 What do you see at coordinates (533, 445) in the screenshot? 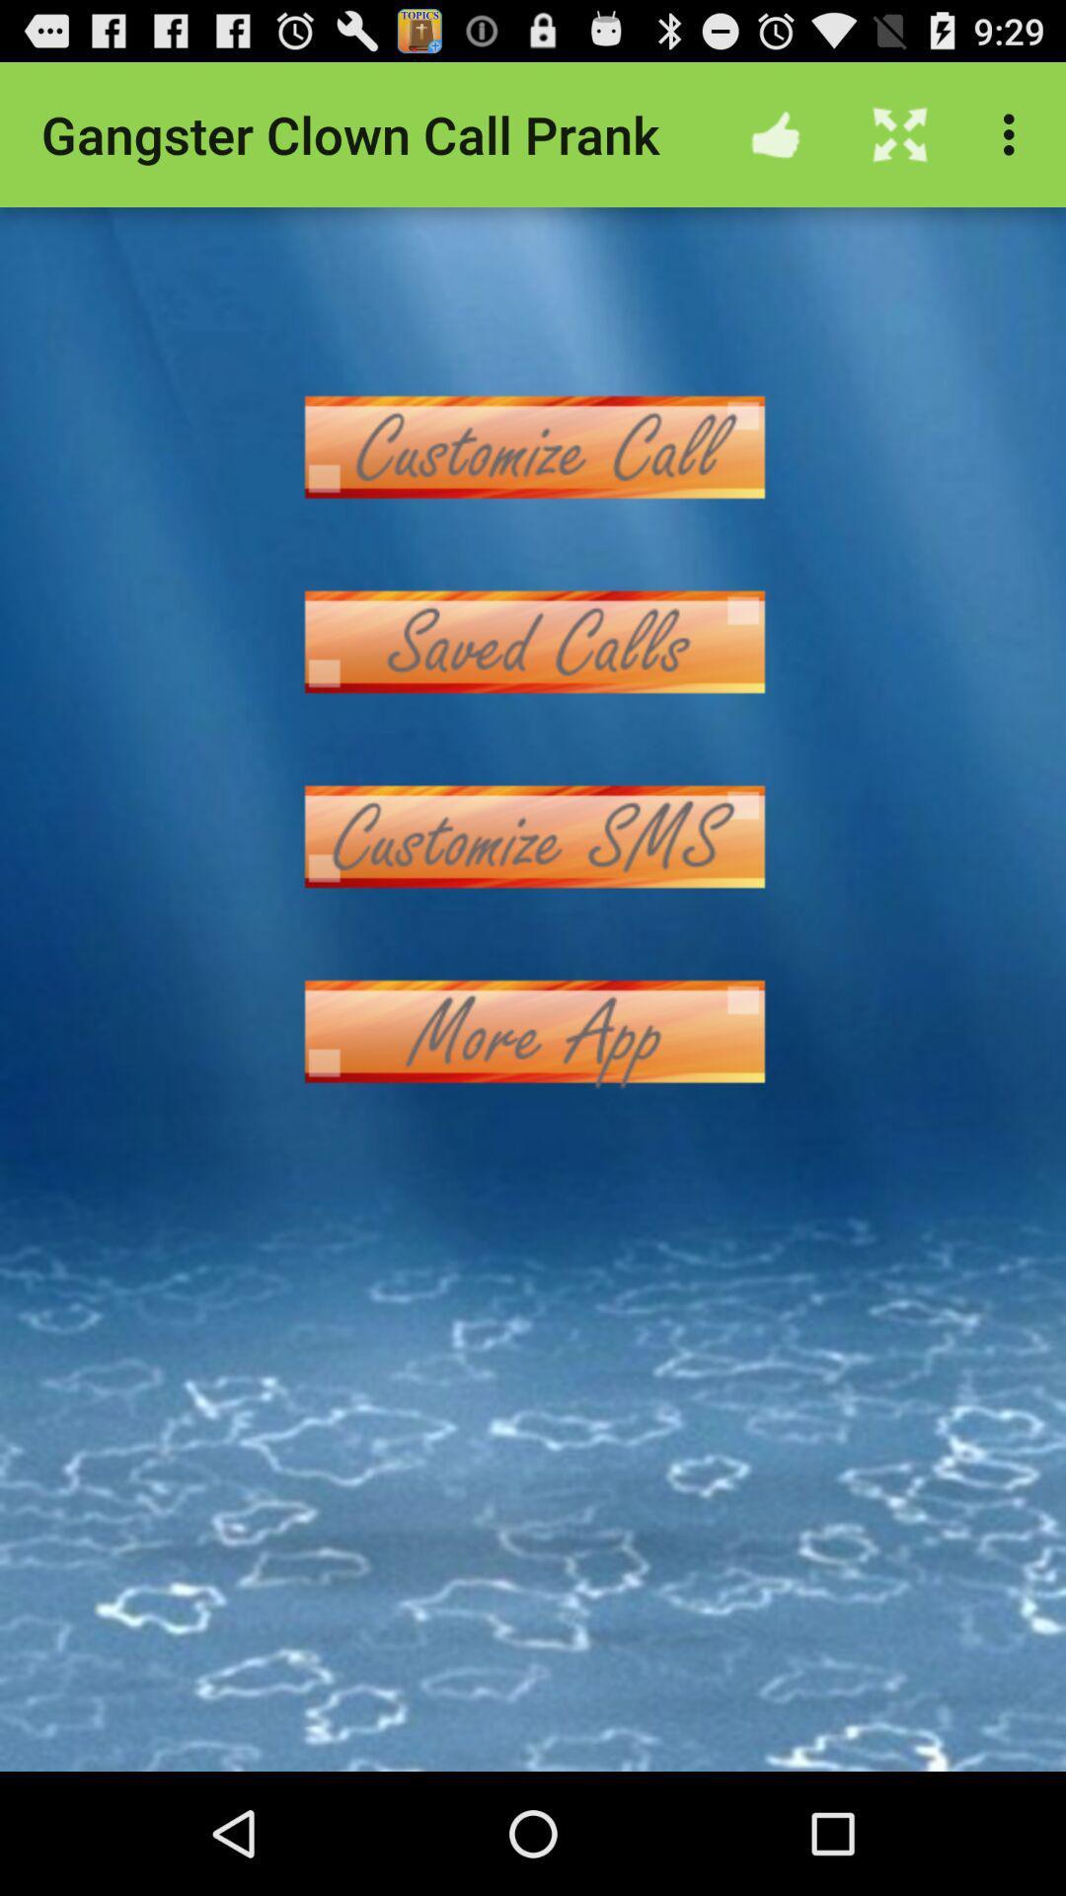
I see `button` at bounding box center [533, 445].